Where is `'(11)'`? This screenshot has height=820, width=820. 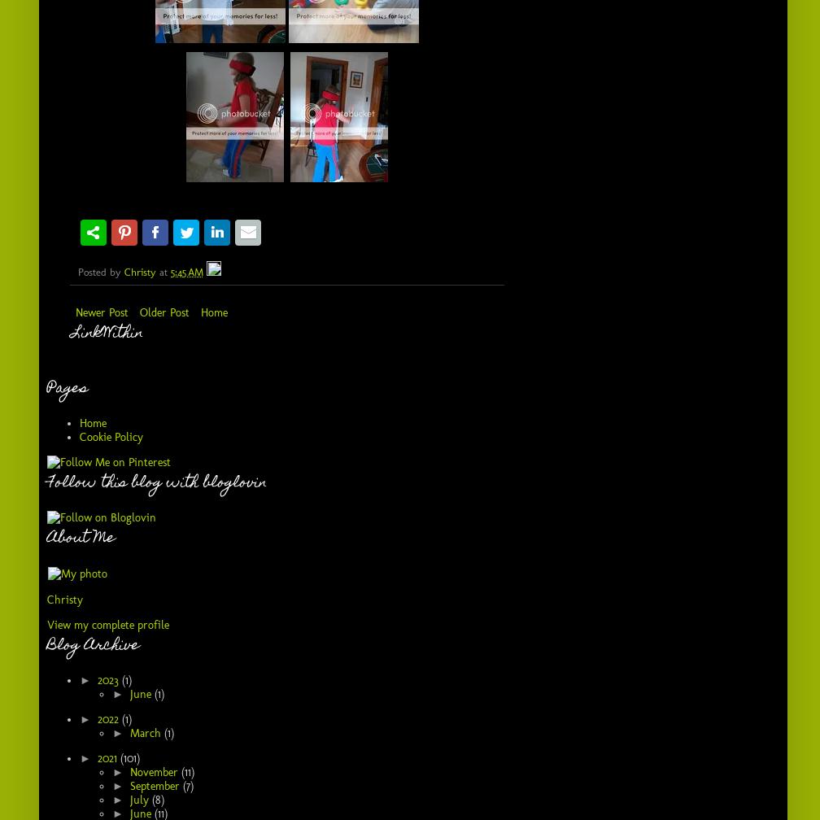 '(11)' is located at coordinates (187, 771).